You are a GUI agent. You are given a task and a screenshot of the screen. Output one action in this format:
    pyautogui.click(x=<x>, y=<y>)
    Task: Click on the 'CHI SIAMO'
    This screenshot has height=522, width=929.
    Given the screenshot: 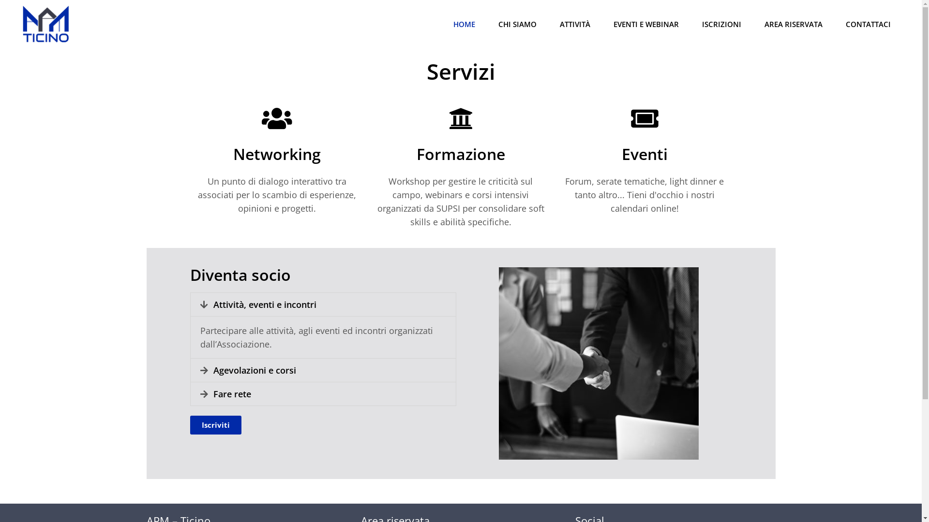 What is the action you would take?
    pyautogui.click(x=487, y=24)
    